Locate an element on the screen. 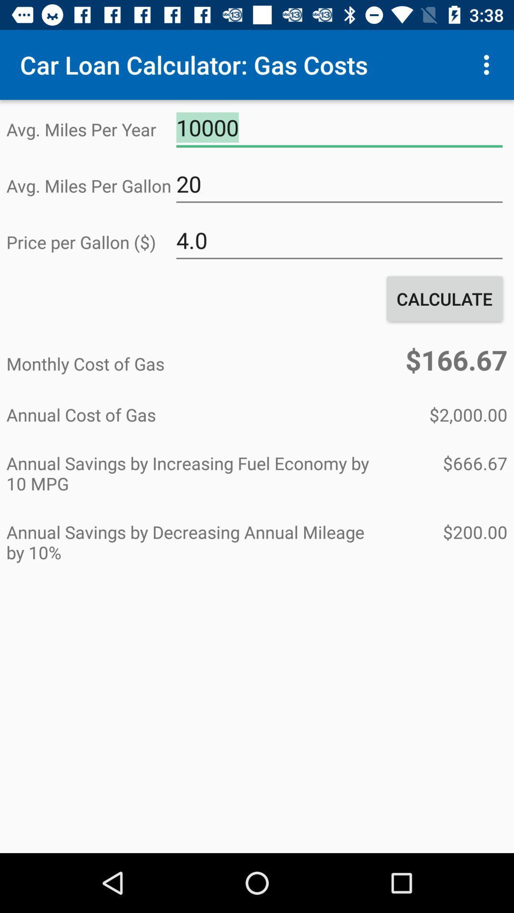  icon above $166.67 is located at coordinates (445, 298).